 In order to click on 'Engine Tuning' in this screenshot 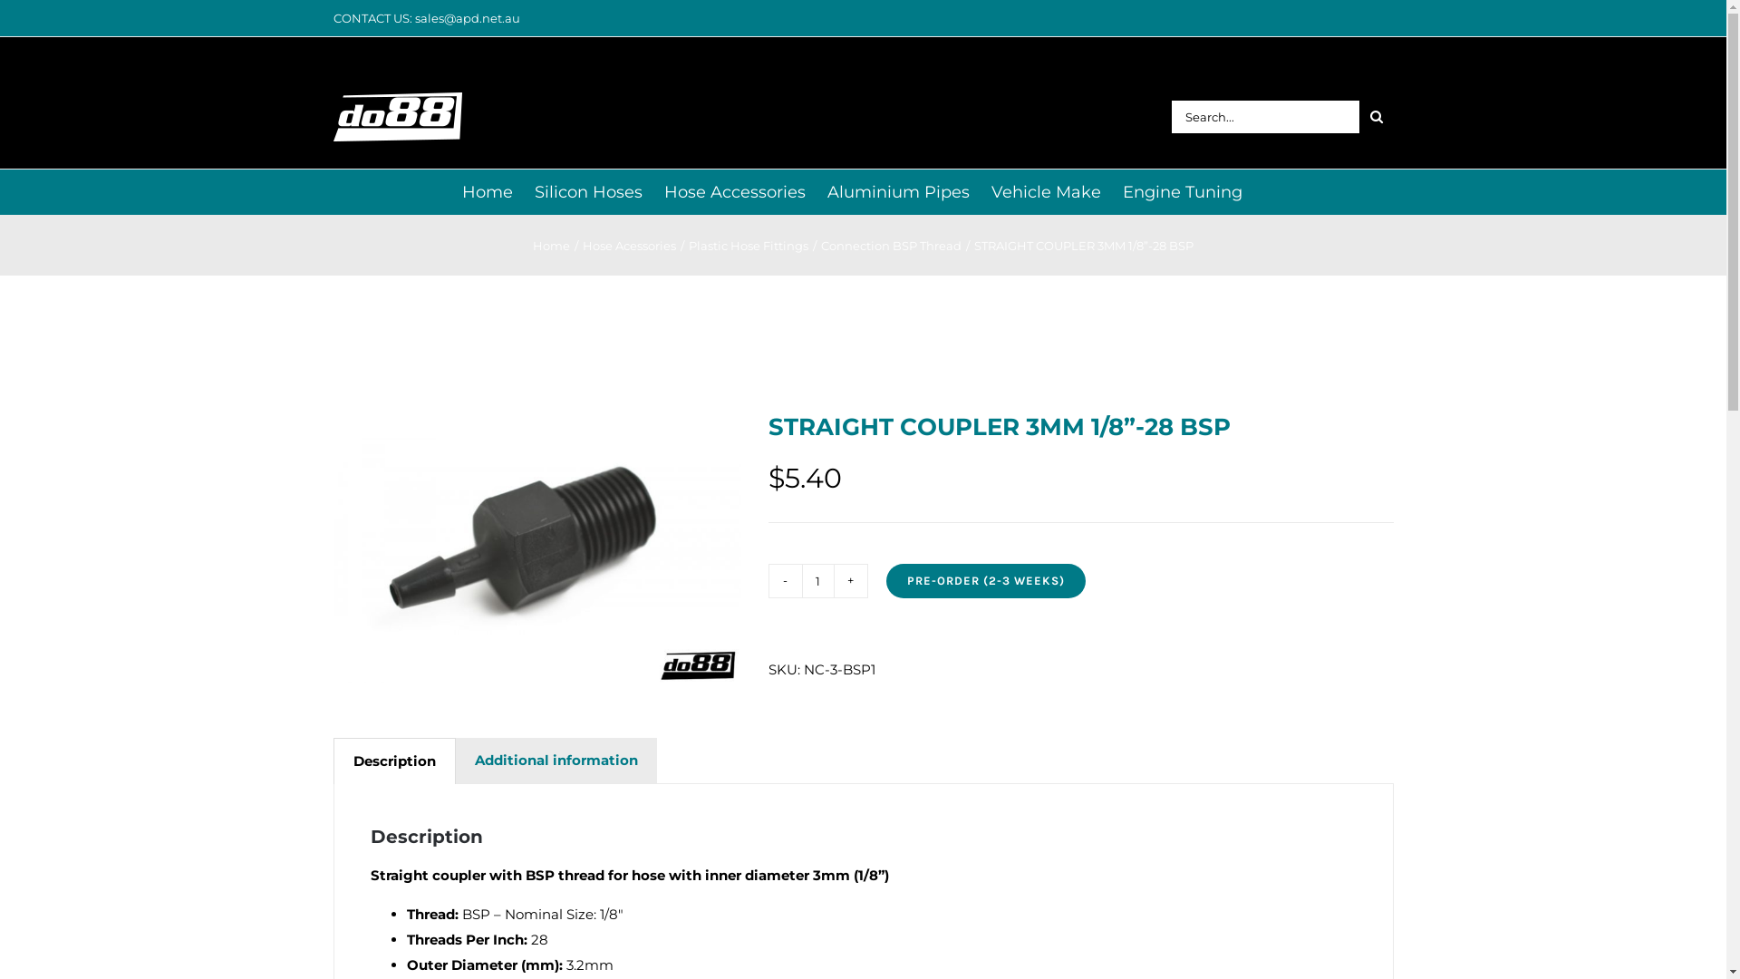, I will do `click(1183, 192)`.